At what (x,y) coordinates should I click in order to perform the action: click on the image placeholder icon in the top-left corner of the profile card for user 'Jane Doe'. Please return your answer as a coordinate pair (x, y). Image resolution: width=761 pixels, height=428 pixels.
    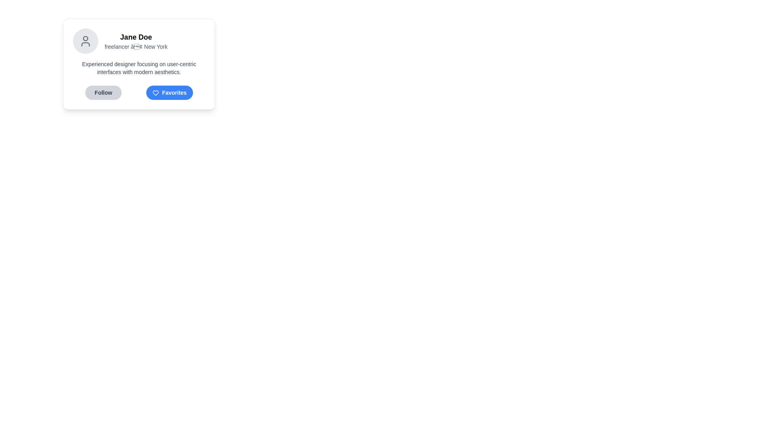
    Looking at the image, I should click on (86, 41).